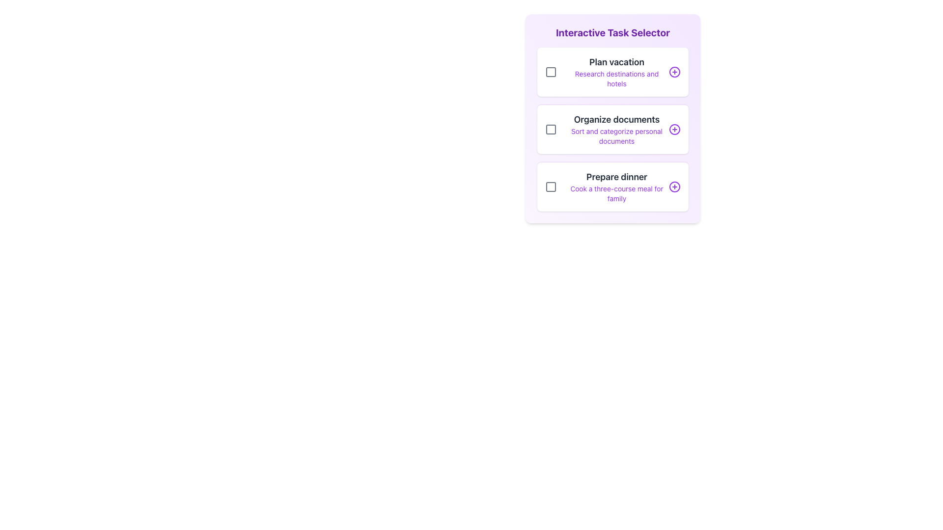  What do you see at coordinates (616, 119) in the screenshot?
I see `the Text Label that serves as the title for the task description in the 'Interactive Task Selector' section, located between 'Plan vacation' and 'Prepare dinner'` at bounding box center [616, 119].